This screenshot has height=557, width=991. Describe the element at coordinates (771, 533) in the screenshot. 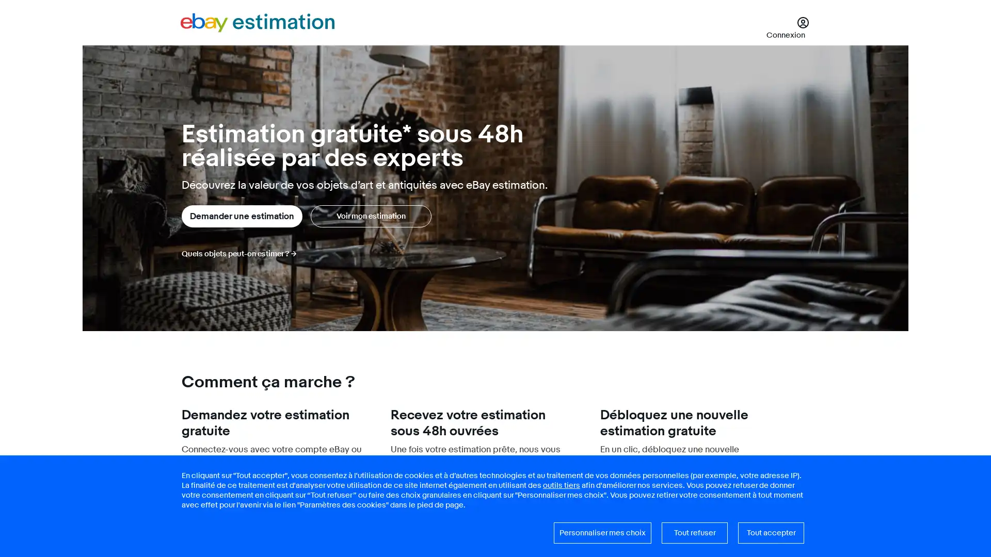

I see `Tout accepter` at that location.